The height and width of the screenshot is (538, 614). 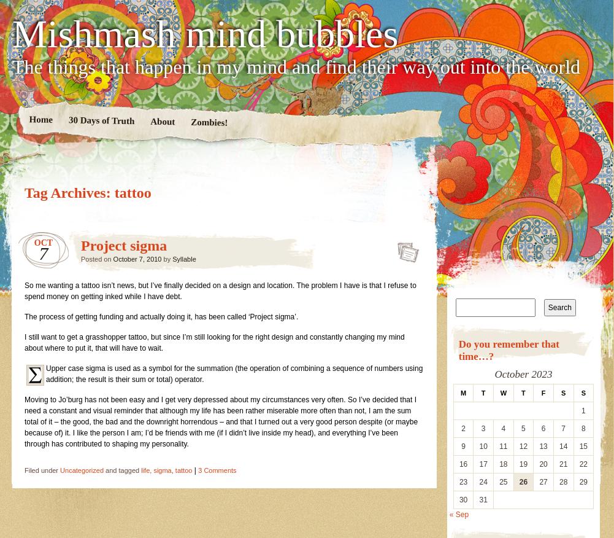 What do you see at coordinates (502, 393) in the screenshot?
I see `'W'` at bounding box center [502, 393].